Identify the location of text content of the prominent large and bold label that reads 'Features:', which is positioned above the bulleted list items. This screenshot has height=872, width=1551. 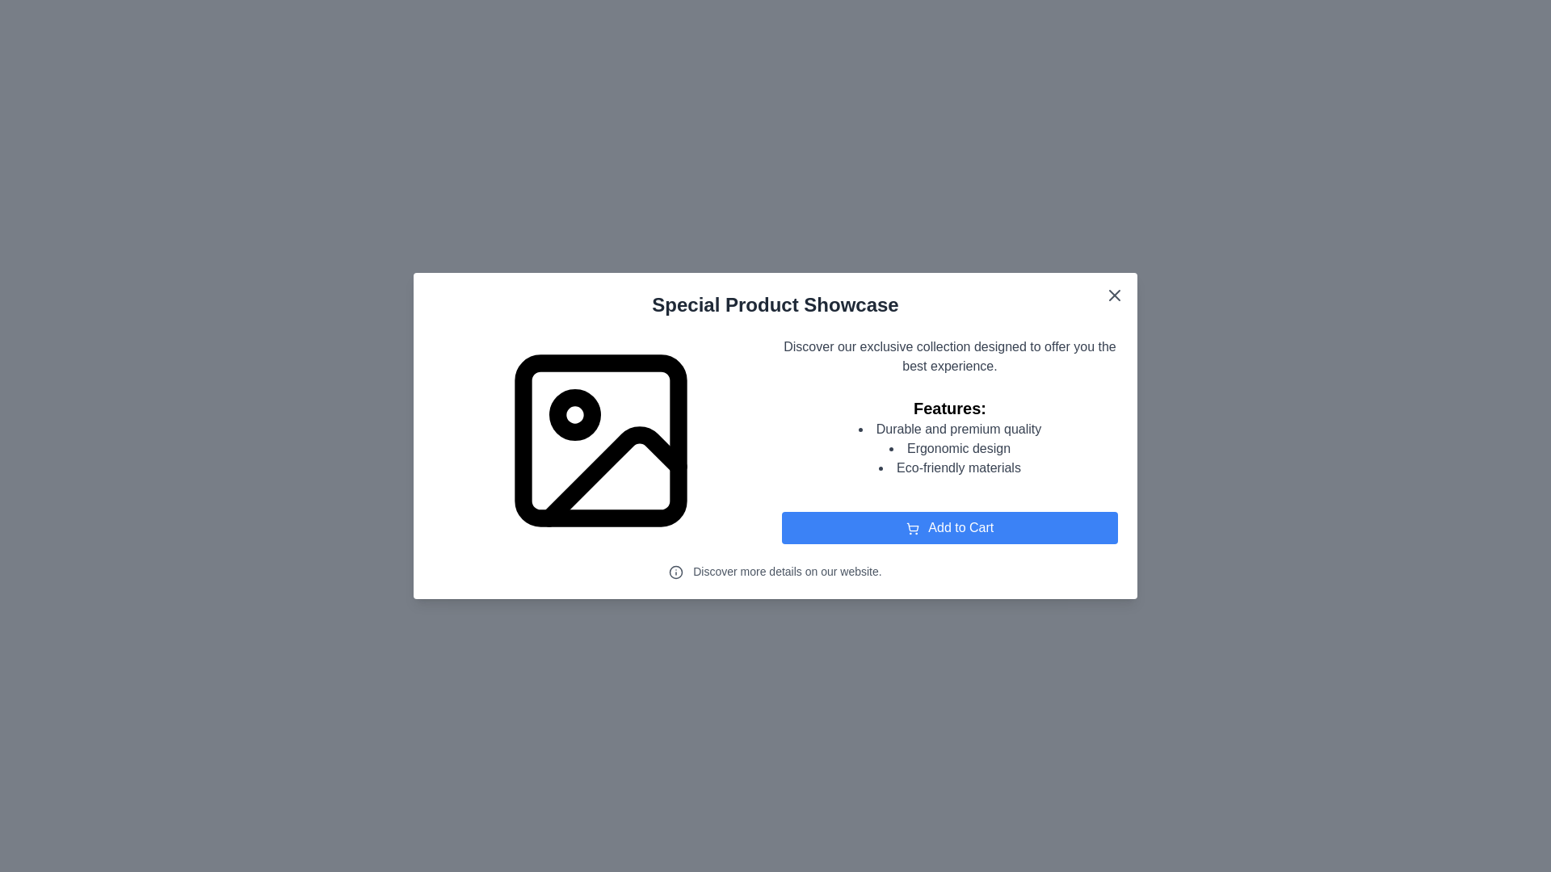
(950, 407).